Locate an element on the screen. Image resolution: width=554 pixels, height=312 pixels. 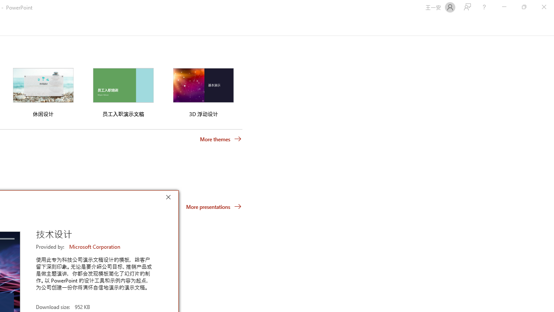
'More themes' is located at coordinates (221, 139).